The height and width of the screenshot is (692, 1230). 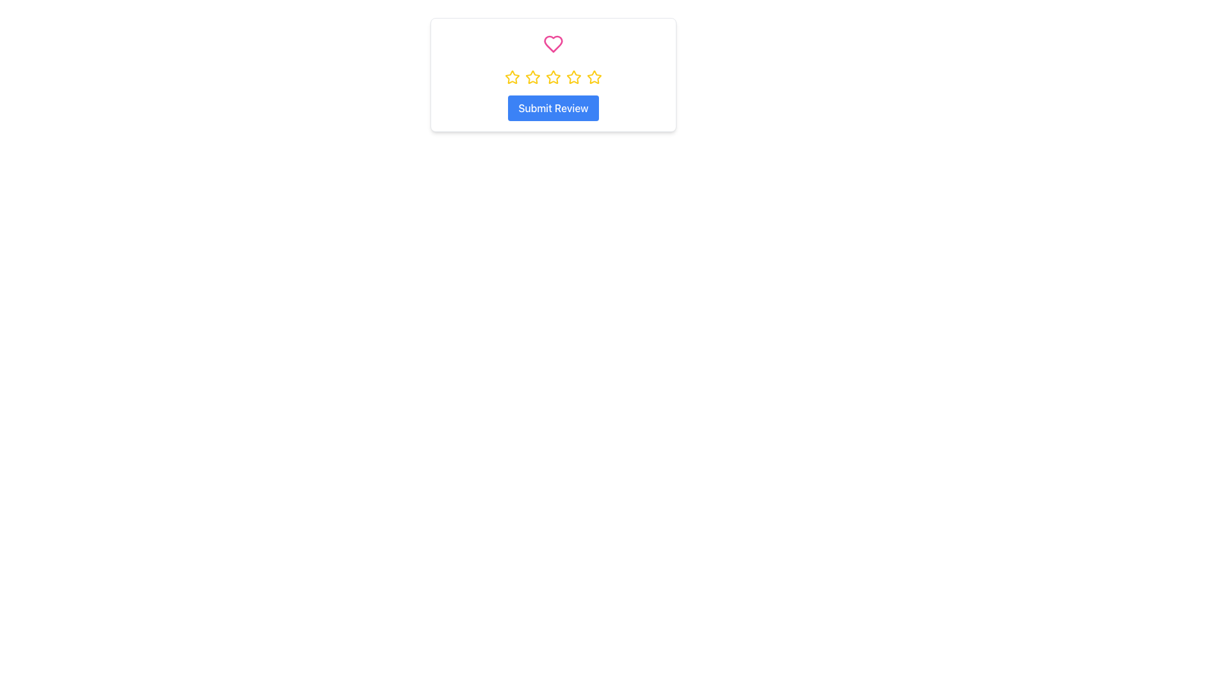 I want to click on the middle yellow star icon in the row of five star icons, which represents a rating option, so click(x=553, y=74).